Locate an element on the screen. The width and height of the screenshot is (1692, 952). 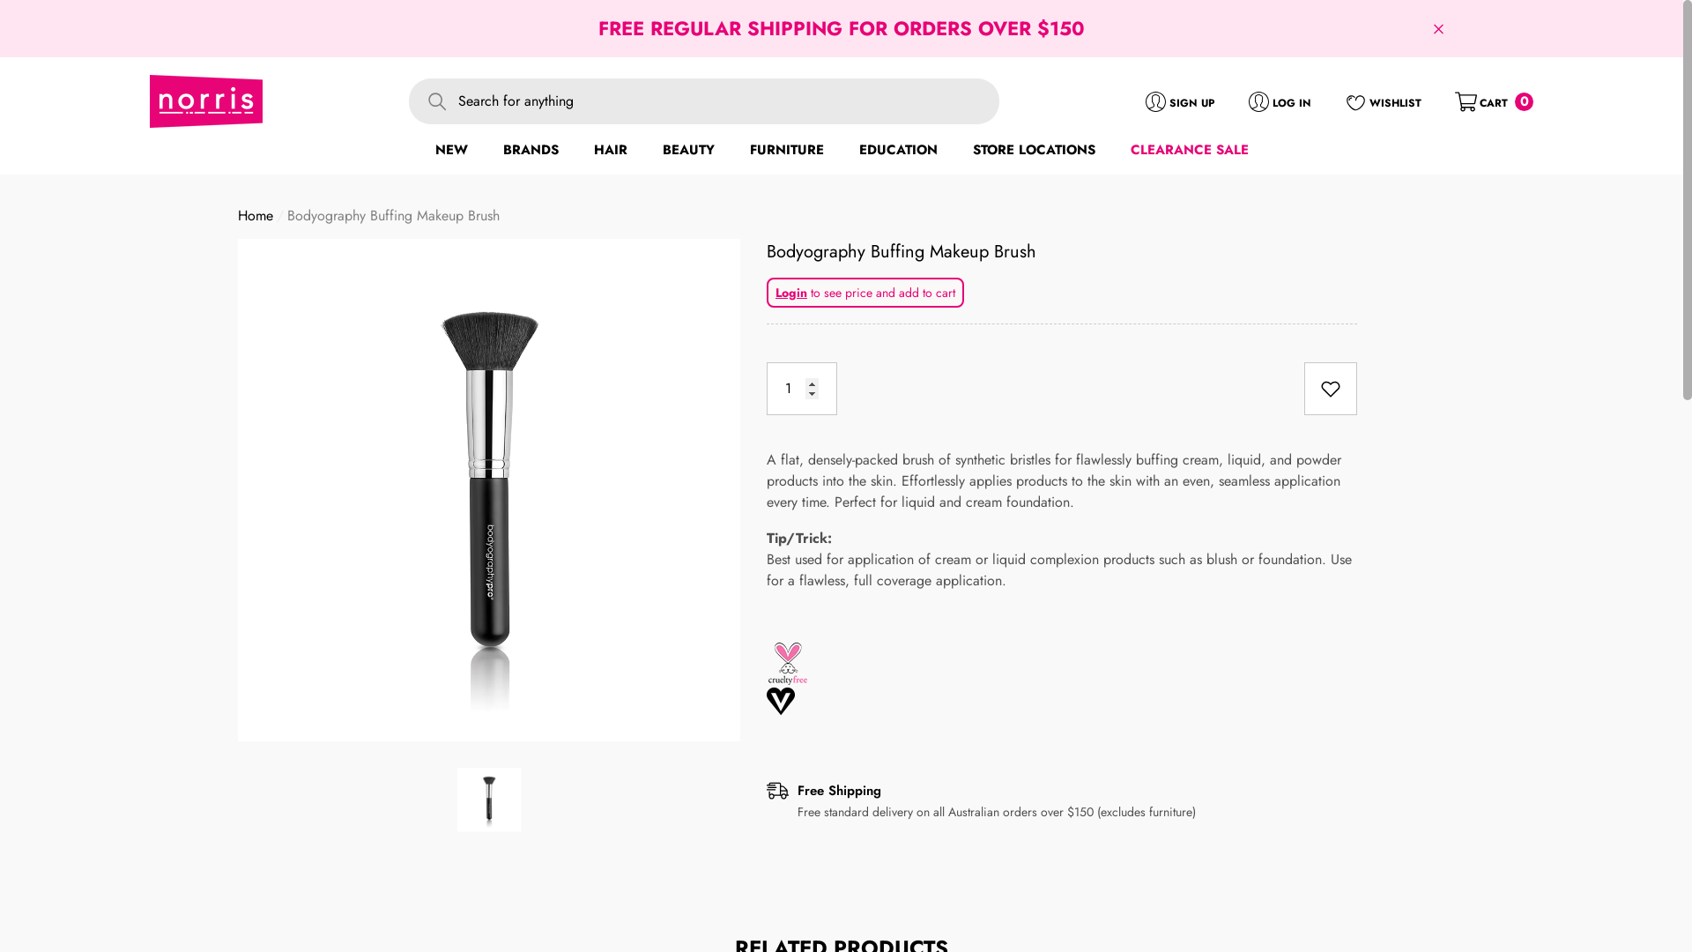
'NEW' is located at coordinates (435, 148).